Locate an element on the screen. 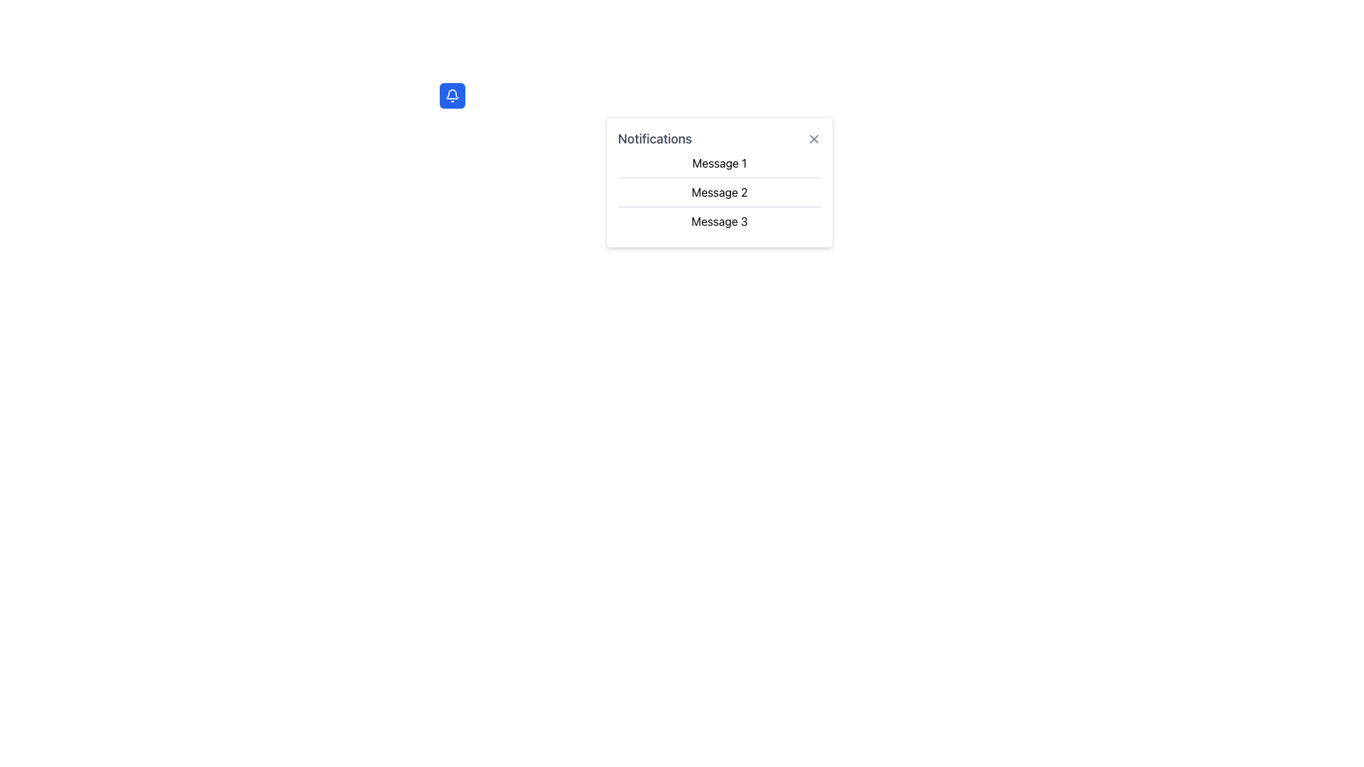 Image resolution: width=1364 pixels, height=767 pixels. the notification button located at the top center of the layout is located at coordinates (452, 96).